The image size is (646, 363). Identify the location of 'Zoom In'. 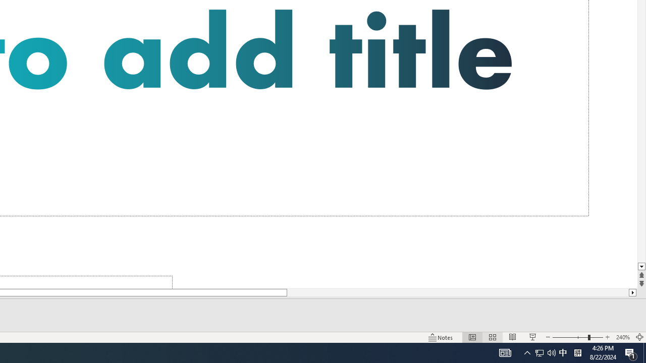
(607, 337).